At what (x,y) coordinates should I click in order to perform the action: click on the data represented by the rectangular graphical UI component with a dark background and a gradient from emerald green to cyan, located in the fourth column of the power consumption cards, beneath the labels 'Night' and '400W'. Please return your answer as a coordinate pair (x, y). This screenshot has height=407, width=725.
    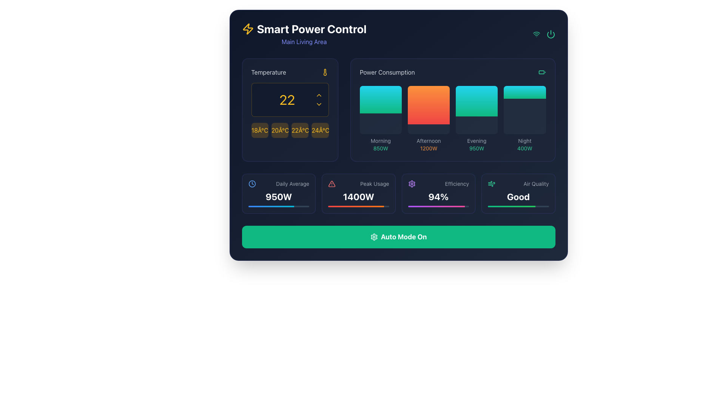
    Looking at the image, I should click on (524, 110).